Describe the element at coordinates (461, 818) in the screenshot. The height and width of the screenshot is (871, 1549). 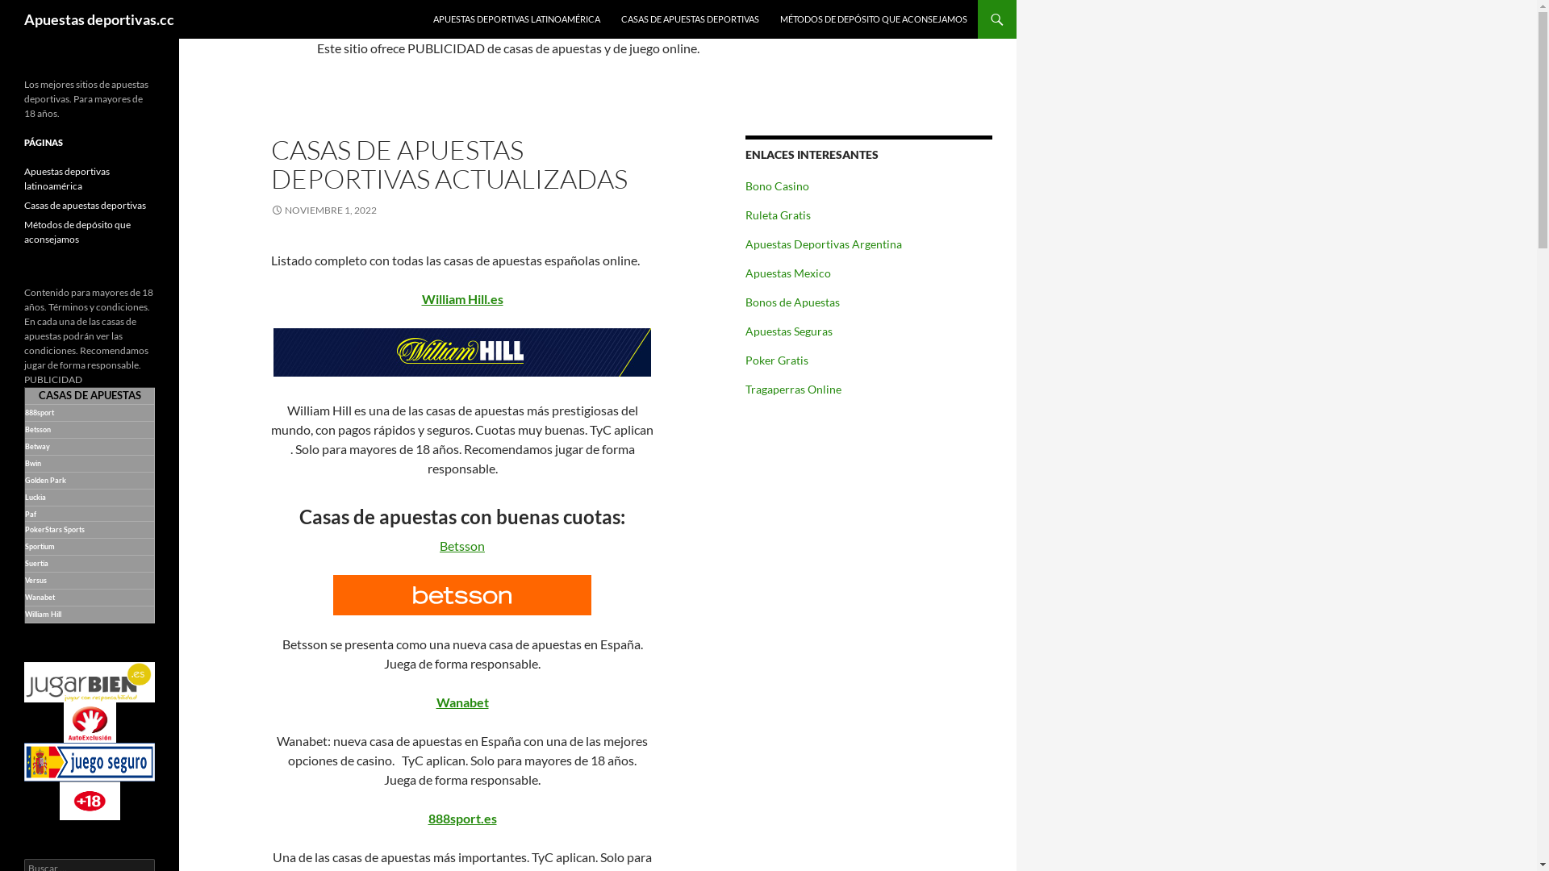
I see `'888sport.es'` at that location.